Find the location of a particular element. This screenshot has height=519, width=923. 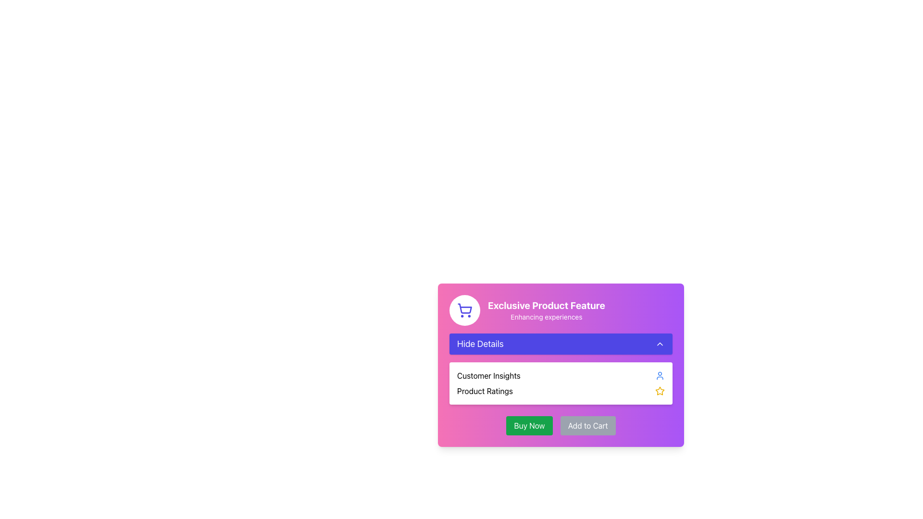

the Info Panel which provides insights and reviews, positioned below the 'Hide Details' button and above the 'Buy Now' and 'Add to Cart' buttons is located at coordinates (561, 383).